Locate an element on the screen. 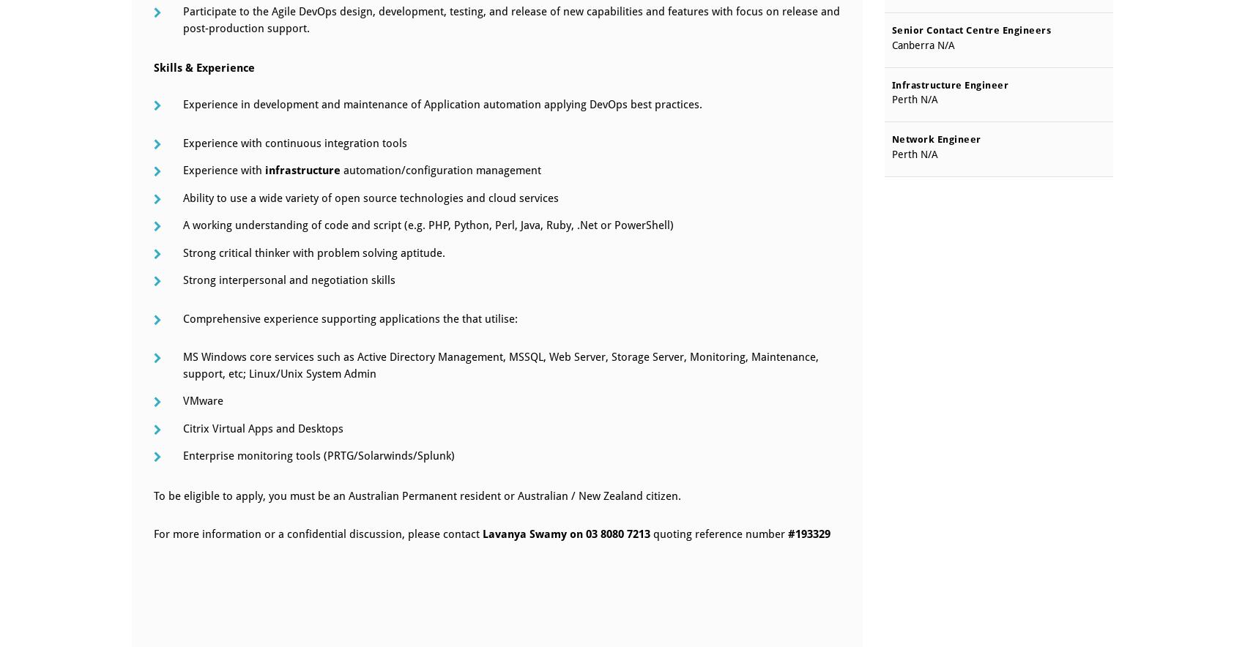 The image size is (1245, 647). 'Citrix Virtual Apps and Desktops' is located at coordinates (183, 427).